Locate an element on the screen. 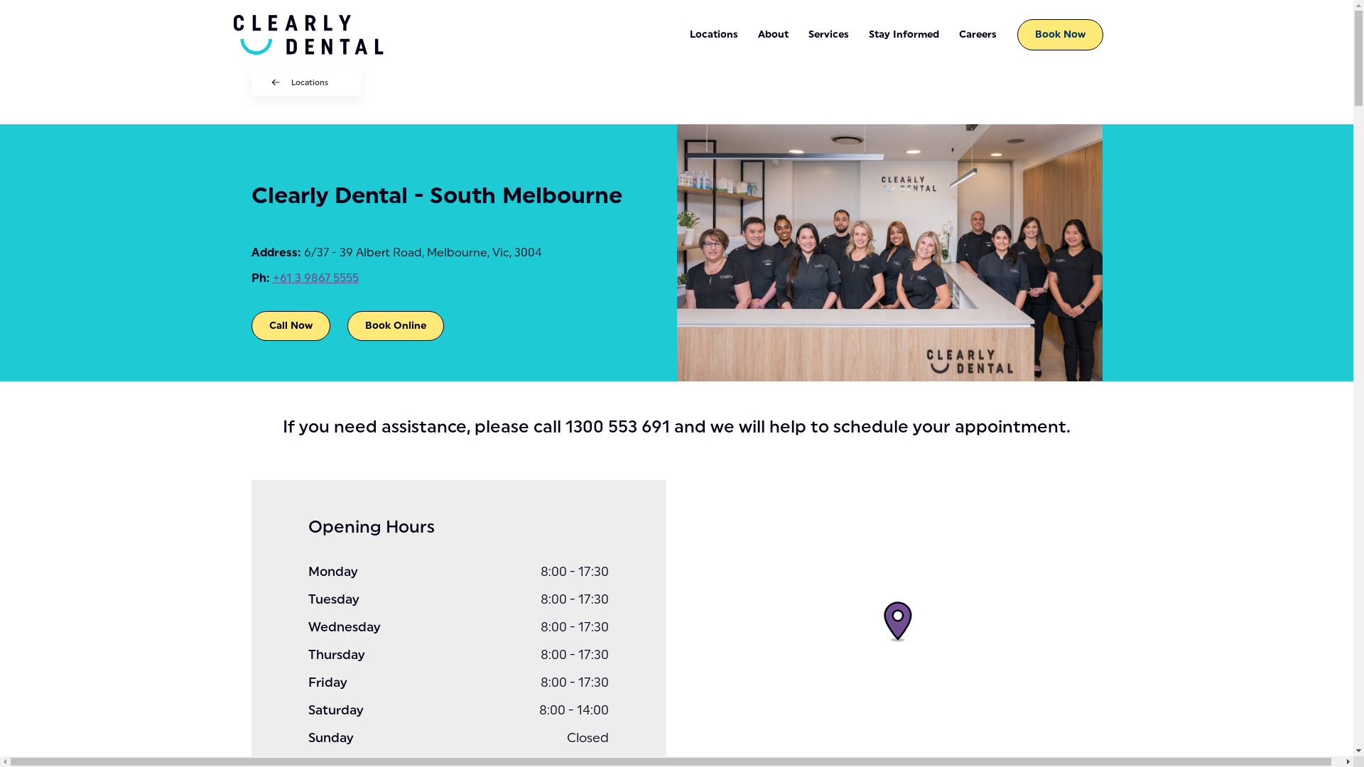  '+61 3 9867 5555' is located at coordinates (315, 278).